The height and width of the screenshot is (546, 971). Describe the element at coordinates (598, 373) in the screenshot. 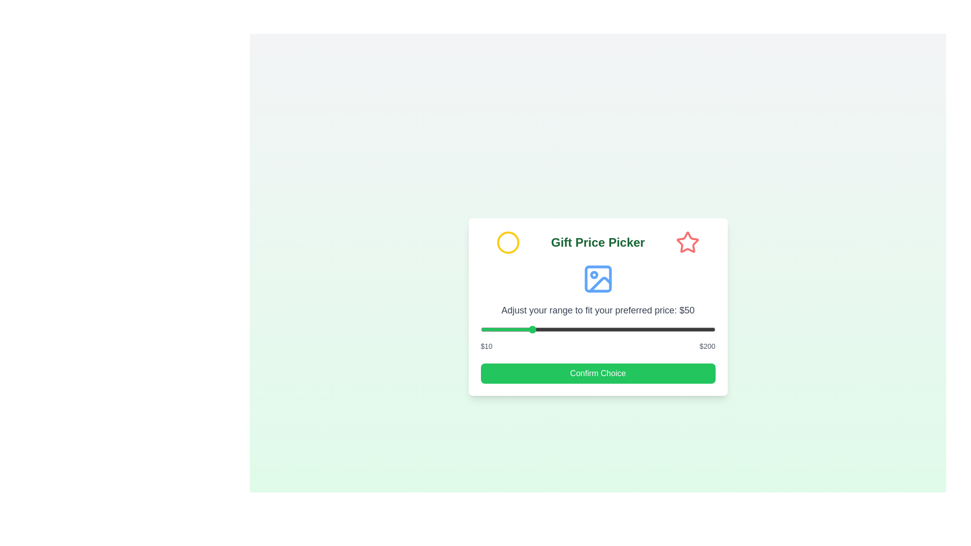

I see `the 'Confirm Choice' button` at that location.